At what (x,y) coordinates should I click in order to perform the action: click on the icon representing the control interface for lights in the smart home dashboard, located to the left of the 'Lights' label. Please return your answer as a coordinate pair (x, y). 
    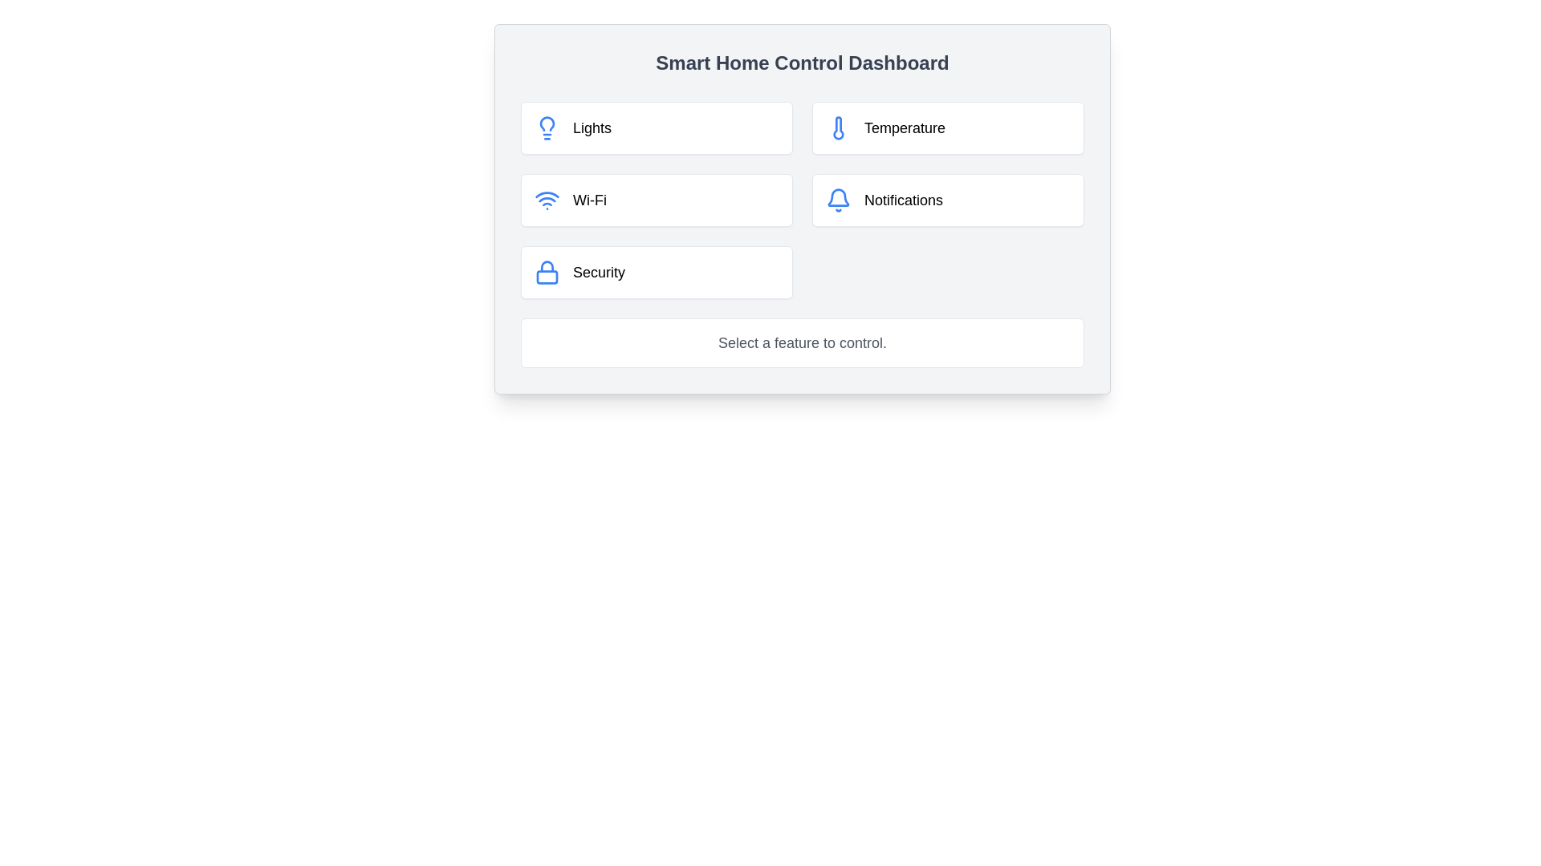
    Looking at the image, I should click on (547, 127).